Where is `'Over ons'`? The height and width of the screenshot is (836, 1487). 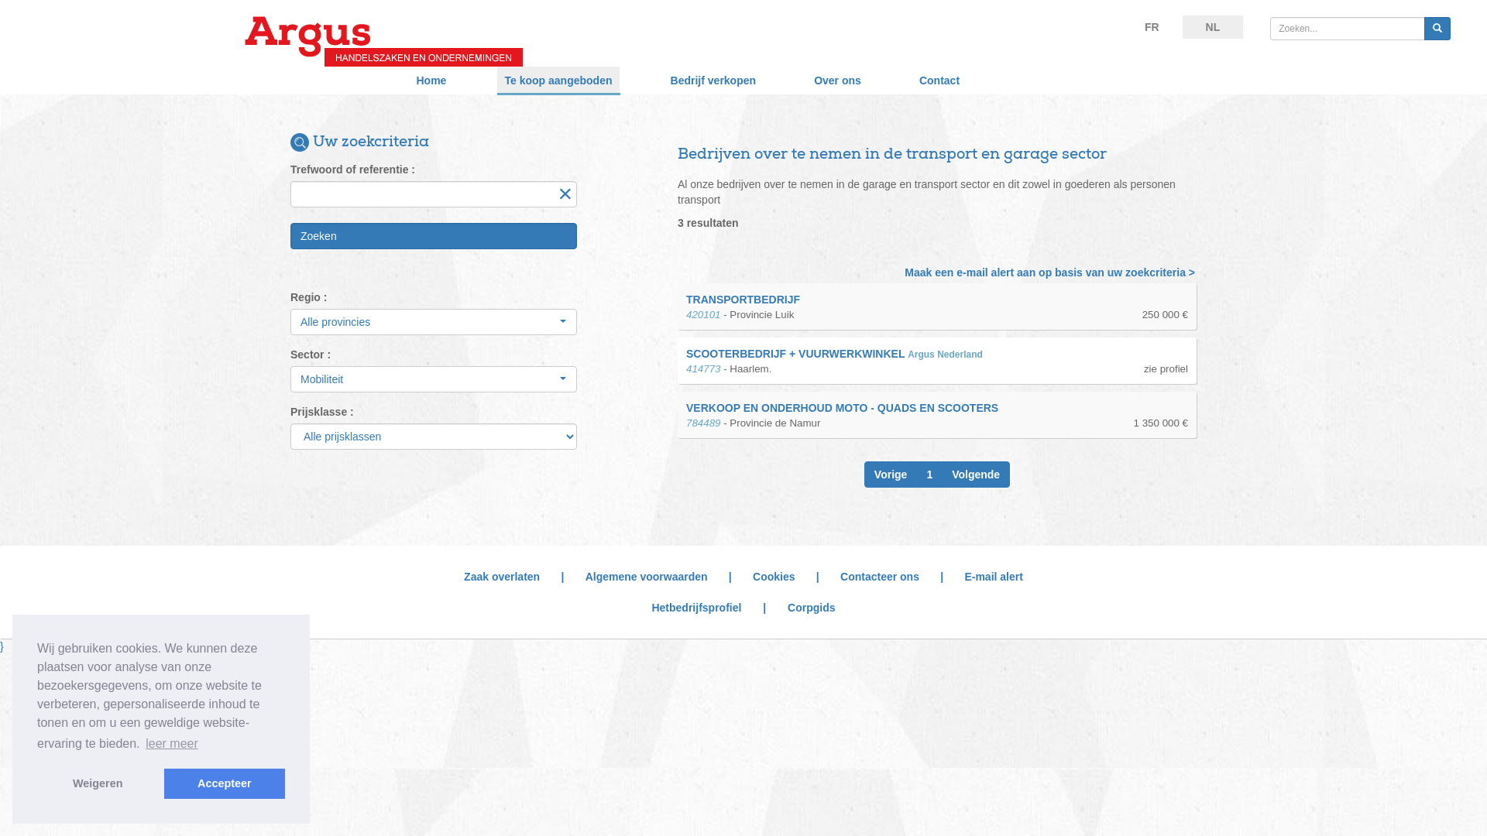 'Over ons' is located at coordinates (836, 81).